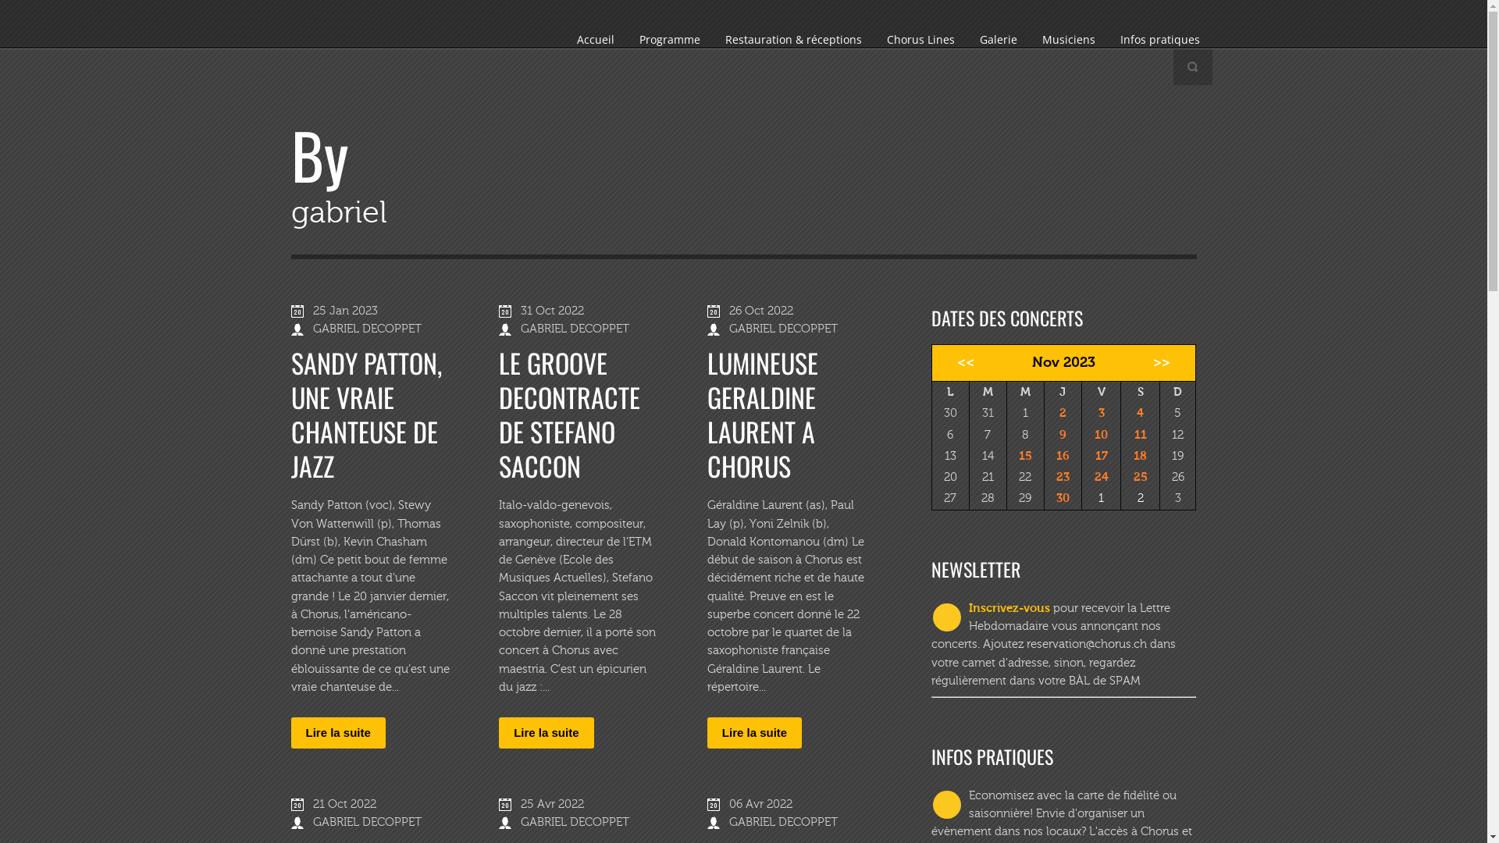  I want to click on '>>', so click(1166, 363).